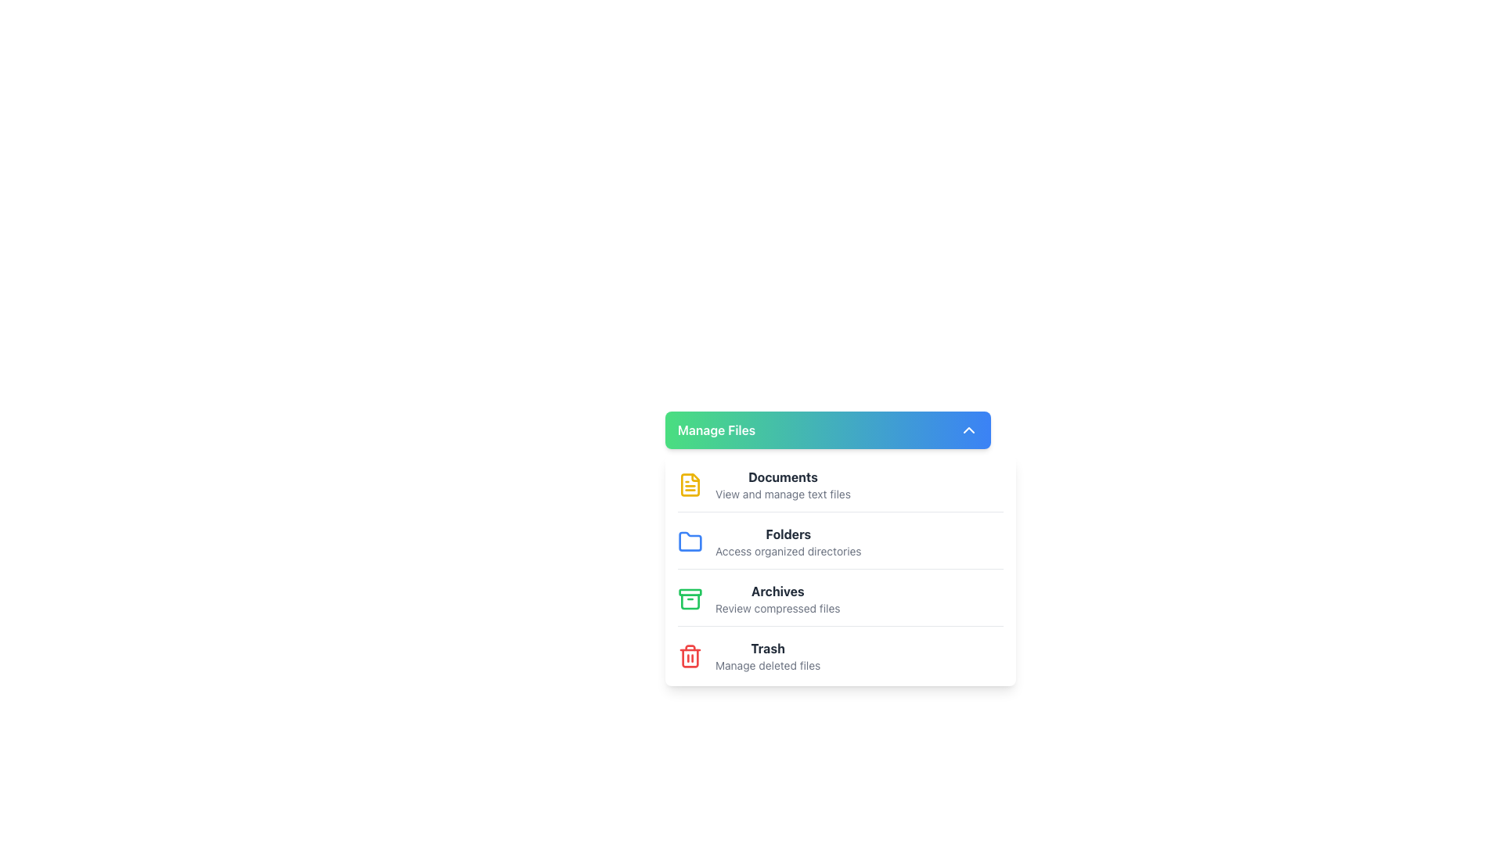 Image resolution: width=1503 pixels, height=845 pixels. I want to click on the 'Archives' icon located to the left of the 'Archives' title in the 'Manage Files' section, so click(690, 599).